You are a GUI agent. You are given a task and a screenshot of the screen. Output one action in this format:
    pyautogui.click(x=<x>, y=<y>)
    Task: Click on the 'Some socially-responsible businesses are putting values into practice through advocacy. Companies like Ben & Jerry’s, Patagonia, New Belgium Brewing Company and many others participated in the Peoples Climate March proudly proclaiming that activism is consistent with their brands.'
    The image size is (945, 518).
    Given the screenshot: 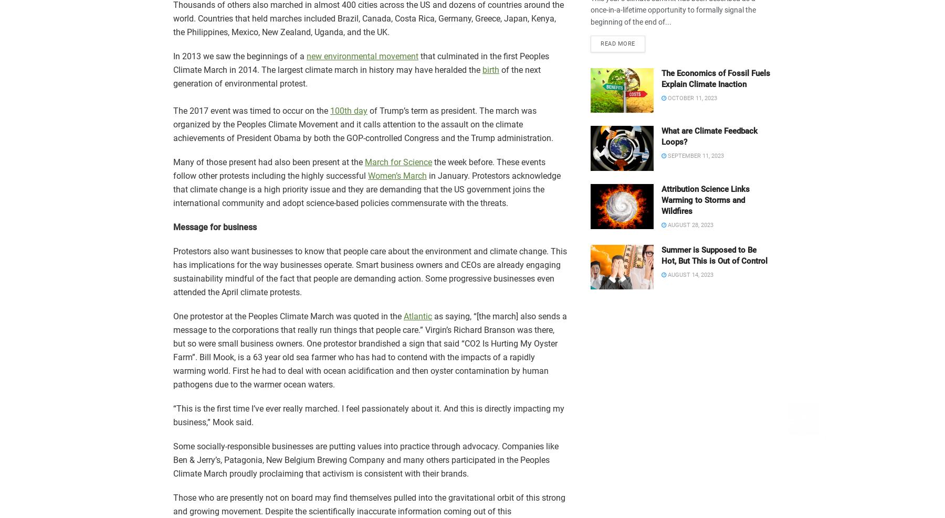 What is the action you would take?
    pyautogui.click(x=365, y=459)
    